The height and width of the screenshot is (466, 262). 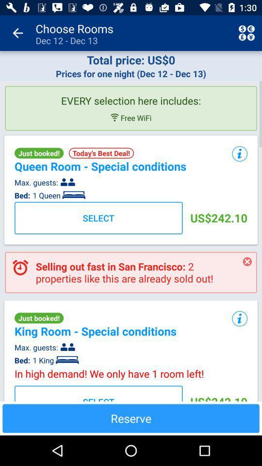 What do you see at coordinates (131, 97) in the screenshot?
I see `every selection here item` at bounding box center [131, 97].